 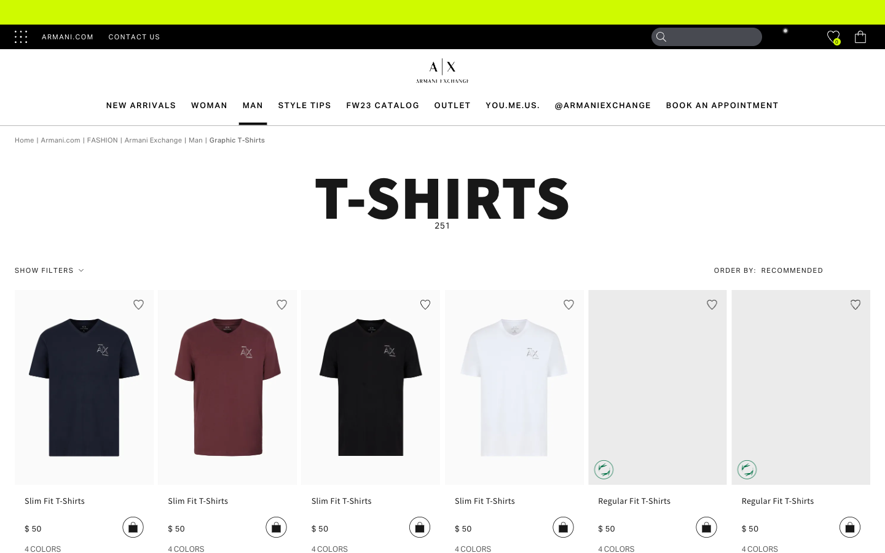 What do you see at coordinates (658, 505) in the screenshot?
I see `the regular fit T-shirts section by selecting it` at bounding box center [658, 505].